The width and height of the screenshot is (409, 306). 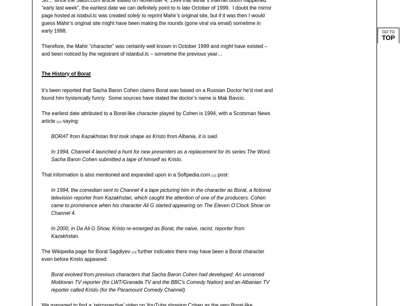 I want to click on 'That information is also mentioned and expanded upon in a Softpedia.com', so click(x=126, y=174).